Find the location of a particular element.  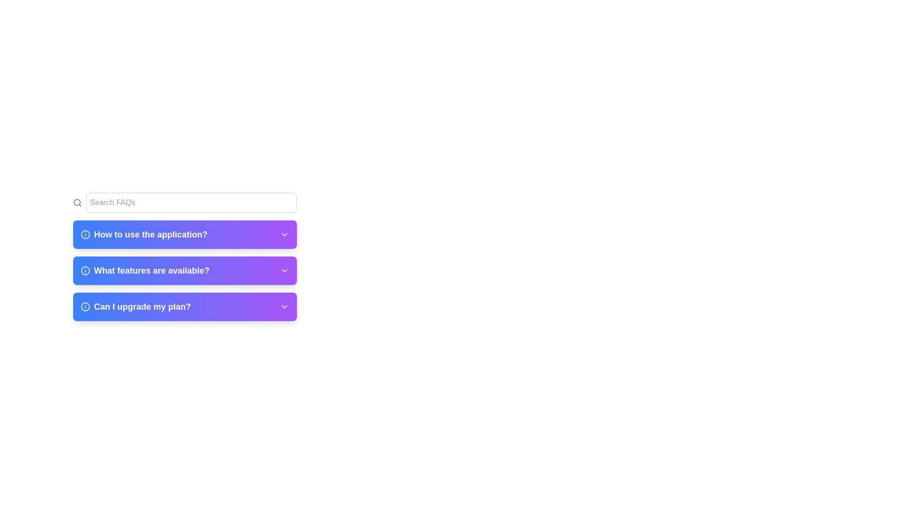

the collapsible header for the first FAQ item is located at coordinates (150, 234).